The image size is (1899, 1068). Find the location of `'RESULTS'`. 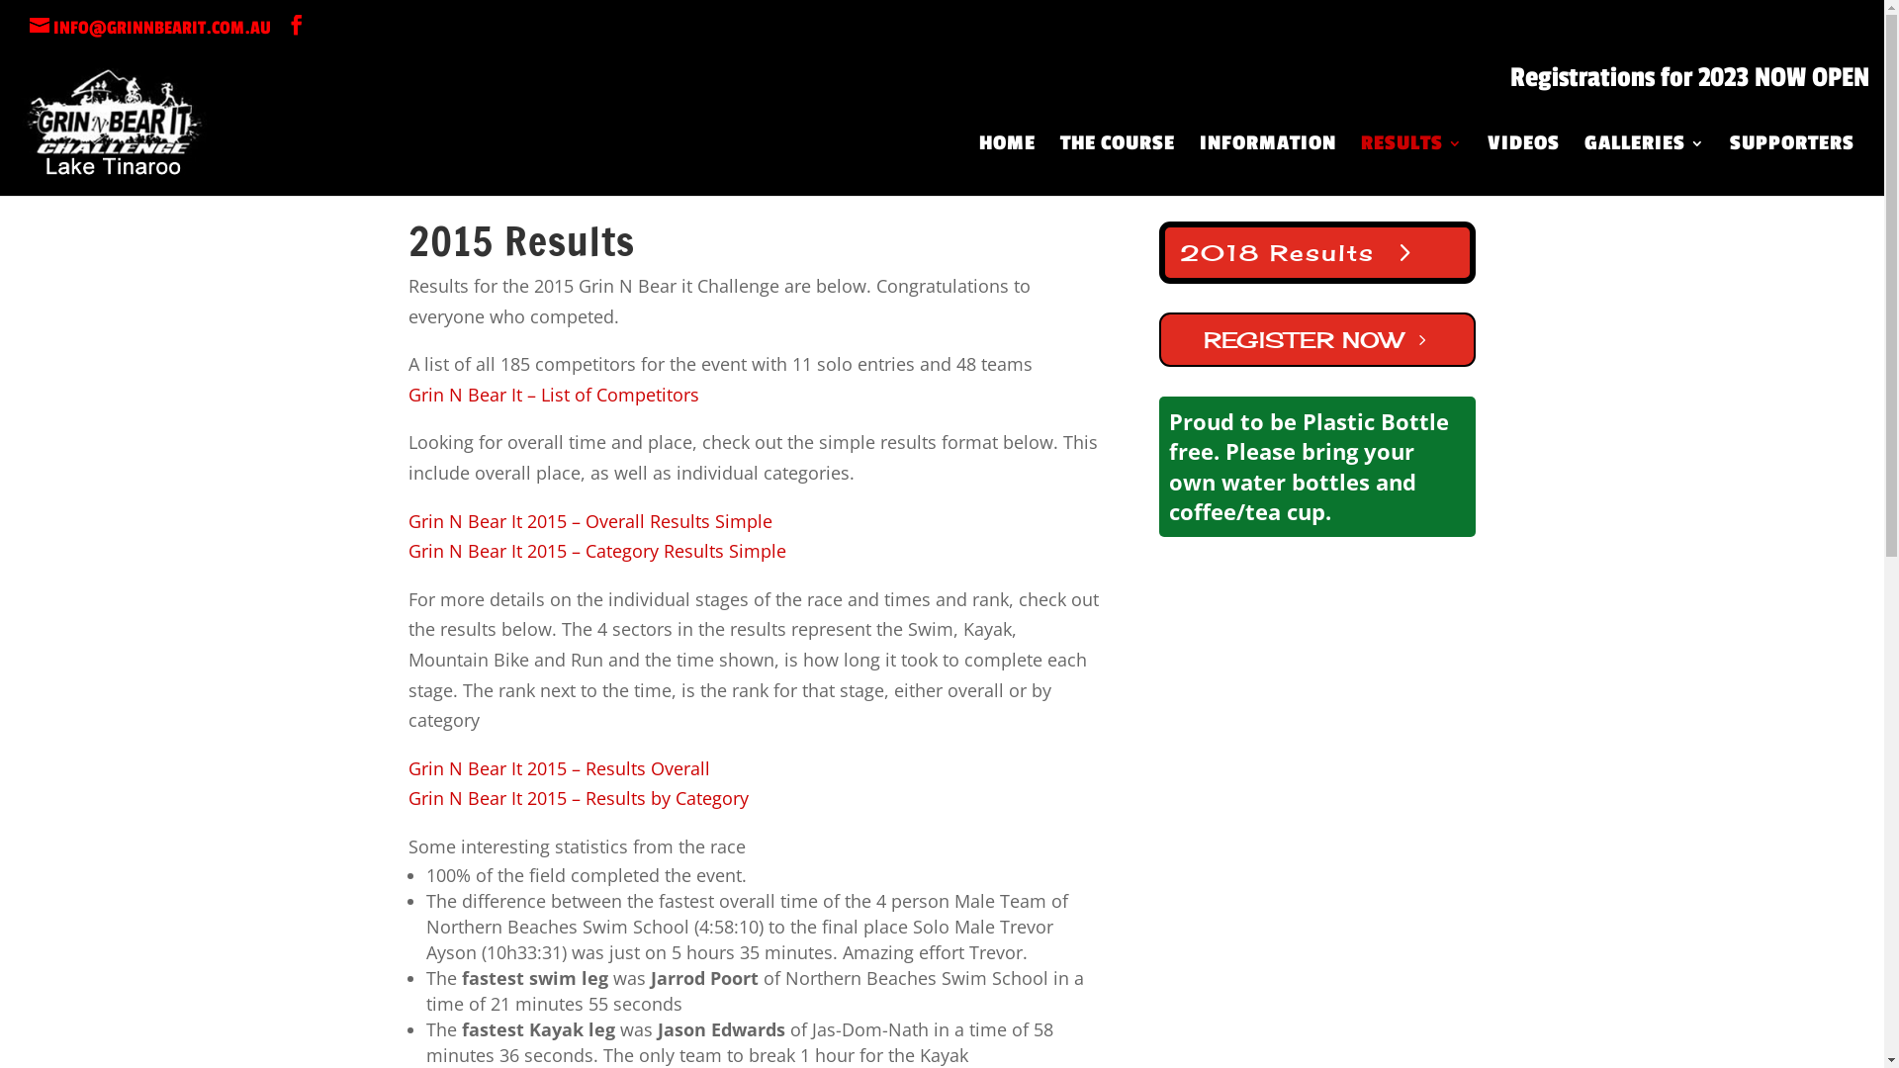

'RESULTS' is located at coordinates (1410, 165).